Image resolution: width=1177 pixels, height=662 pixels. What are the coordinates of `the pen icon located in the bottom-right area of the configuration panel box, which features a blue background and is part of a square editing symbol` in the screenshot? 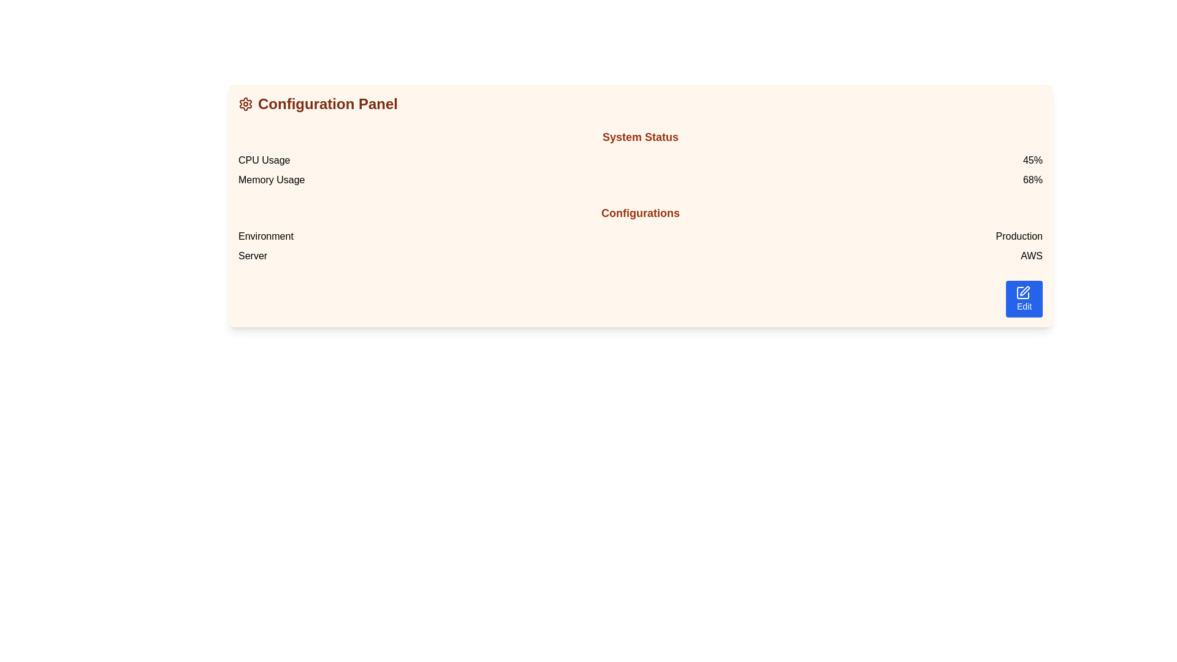 It's located at (1024, 291).